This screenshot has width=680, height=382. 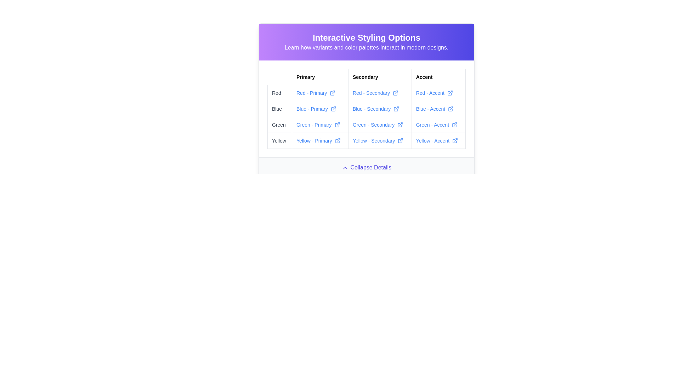 What do you see at coordinates (450, 109) in the screenshot?
I see `the external link icon, which is a small blue arrow extending from a box, located to the right of the 'Blue - Accent' text in the table layout` at bounding box center [450, 109].